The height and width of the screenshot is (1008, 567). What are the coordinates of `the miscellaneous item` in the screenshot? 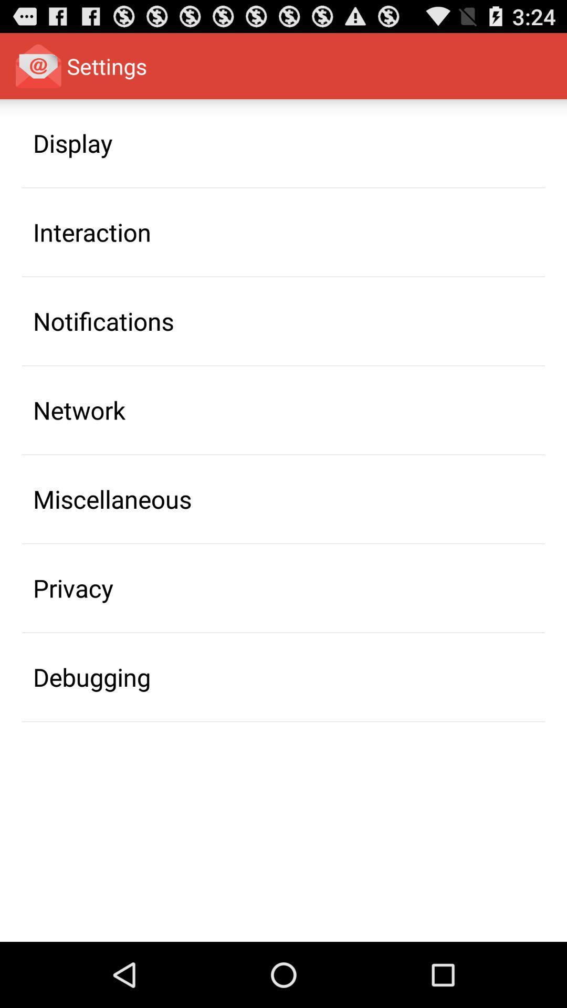 It's located at (112, 498).